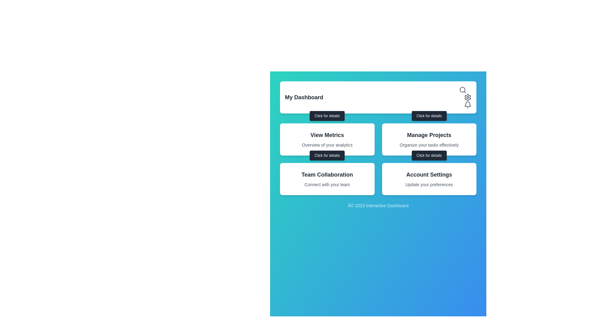 This screenshot has height=334, width=594. Describe the element at coordinates (429, 139) in the screenshot. I see `the 'Manage Projects' UI card element, located in the second column of the first row of a 2x2 grid layout, which provides quick access to project management functionality` at that location.